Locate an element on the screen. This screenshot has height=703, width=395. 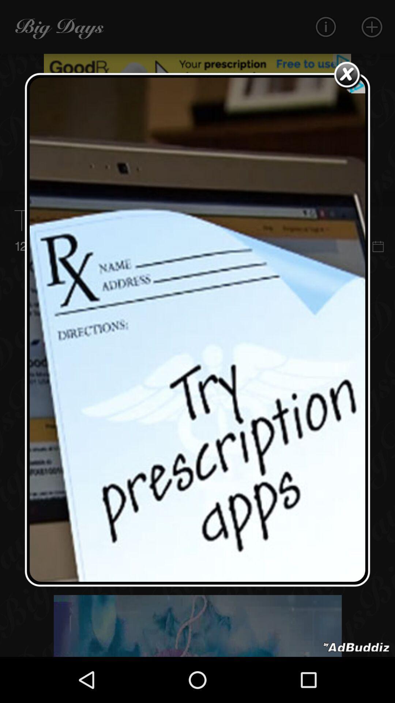
respite page is located at coordinates (197, 329).